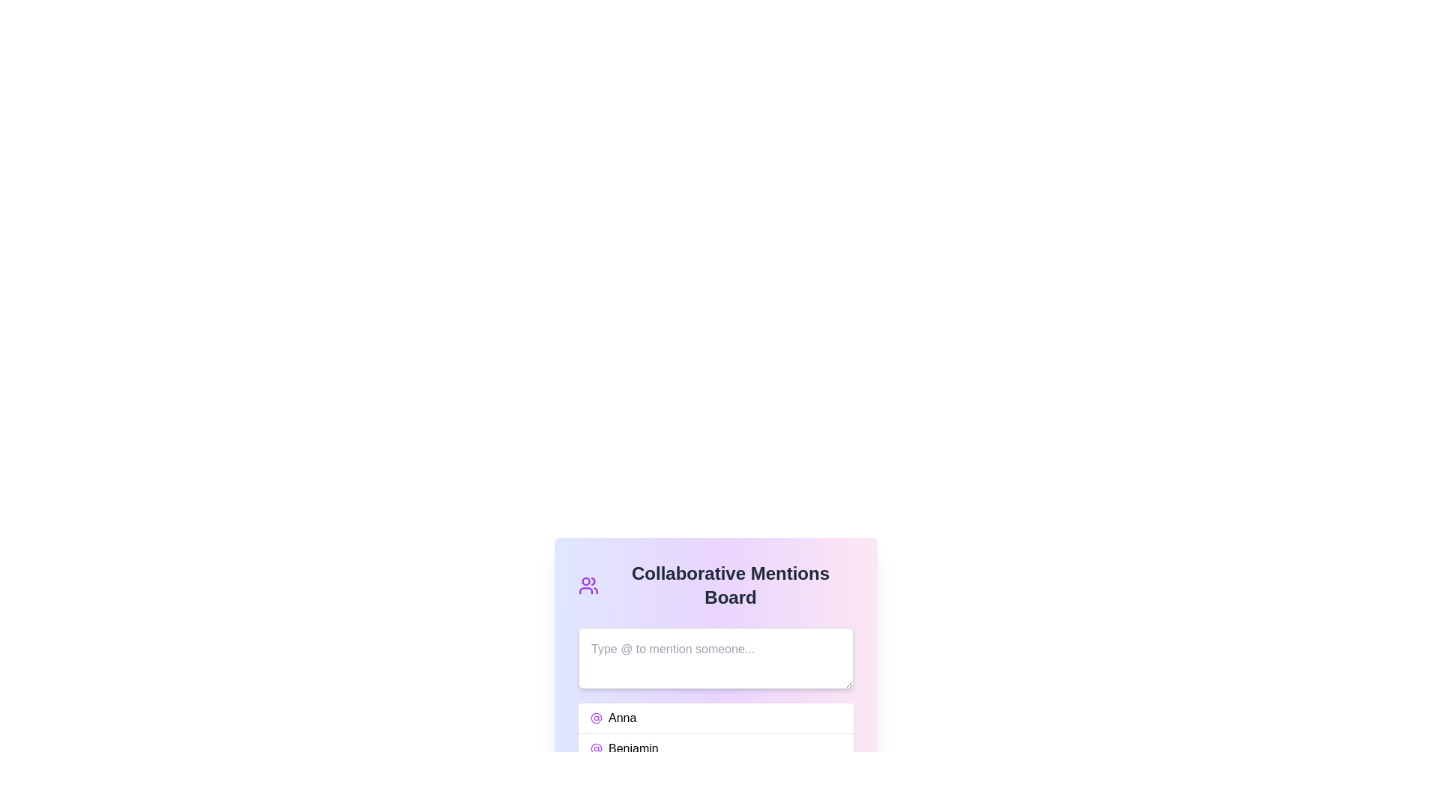 The height and width of the screenshot is (809, 1439). Describe the element at coordinates (596, 748) in the screenshot. I see `the mention icon located to the left of the text 'Benjamin'` at that location.